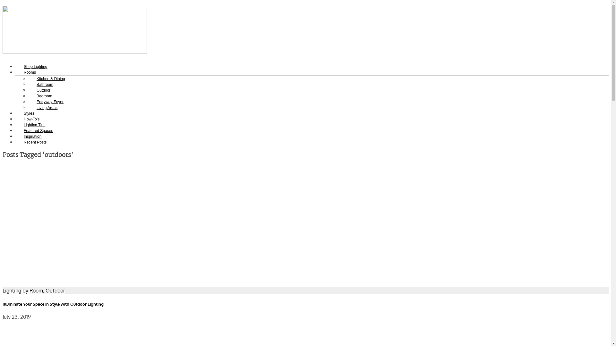  What do you see at coordinates (55, 290) in the screenshot?
I see `'Outdoor'` at bounding box center [55, 290].